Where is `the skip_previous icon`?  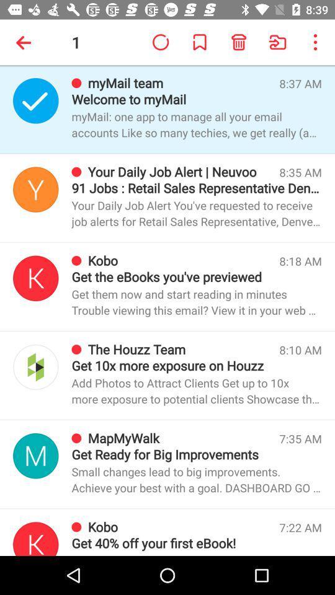
the skip_previous icon is located at coordinates (35, 278).